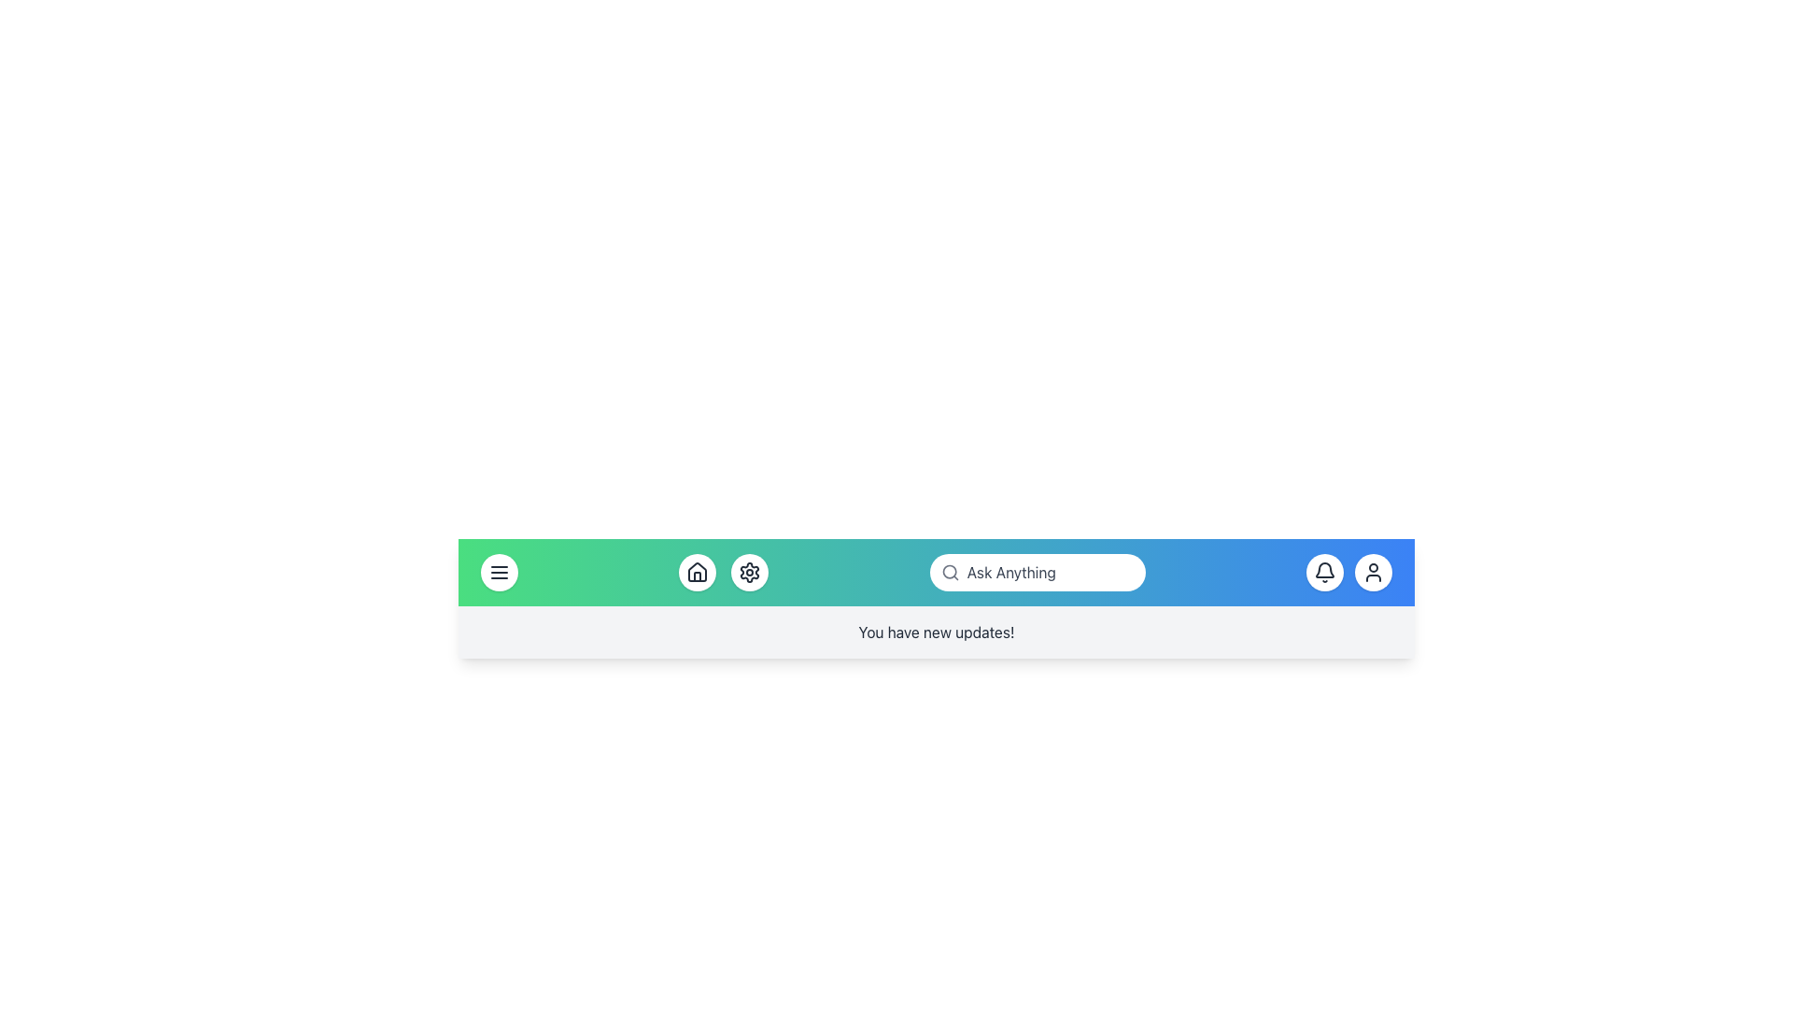 This screenshot has height=1009, width=1793. I want to click on the home button icon in the navigation bar, so click(697, 572).